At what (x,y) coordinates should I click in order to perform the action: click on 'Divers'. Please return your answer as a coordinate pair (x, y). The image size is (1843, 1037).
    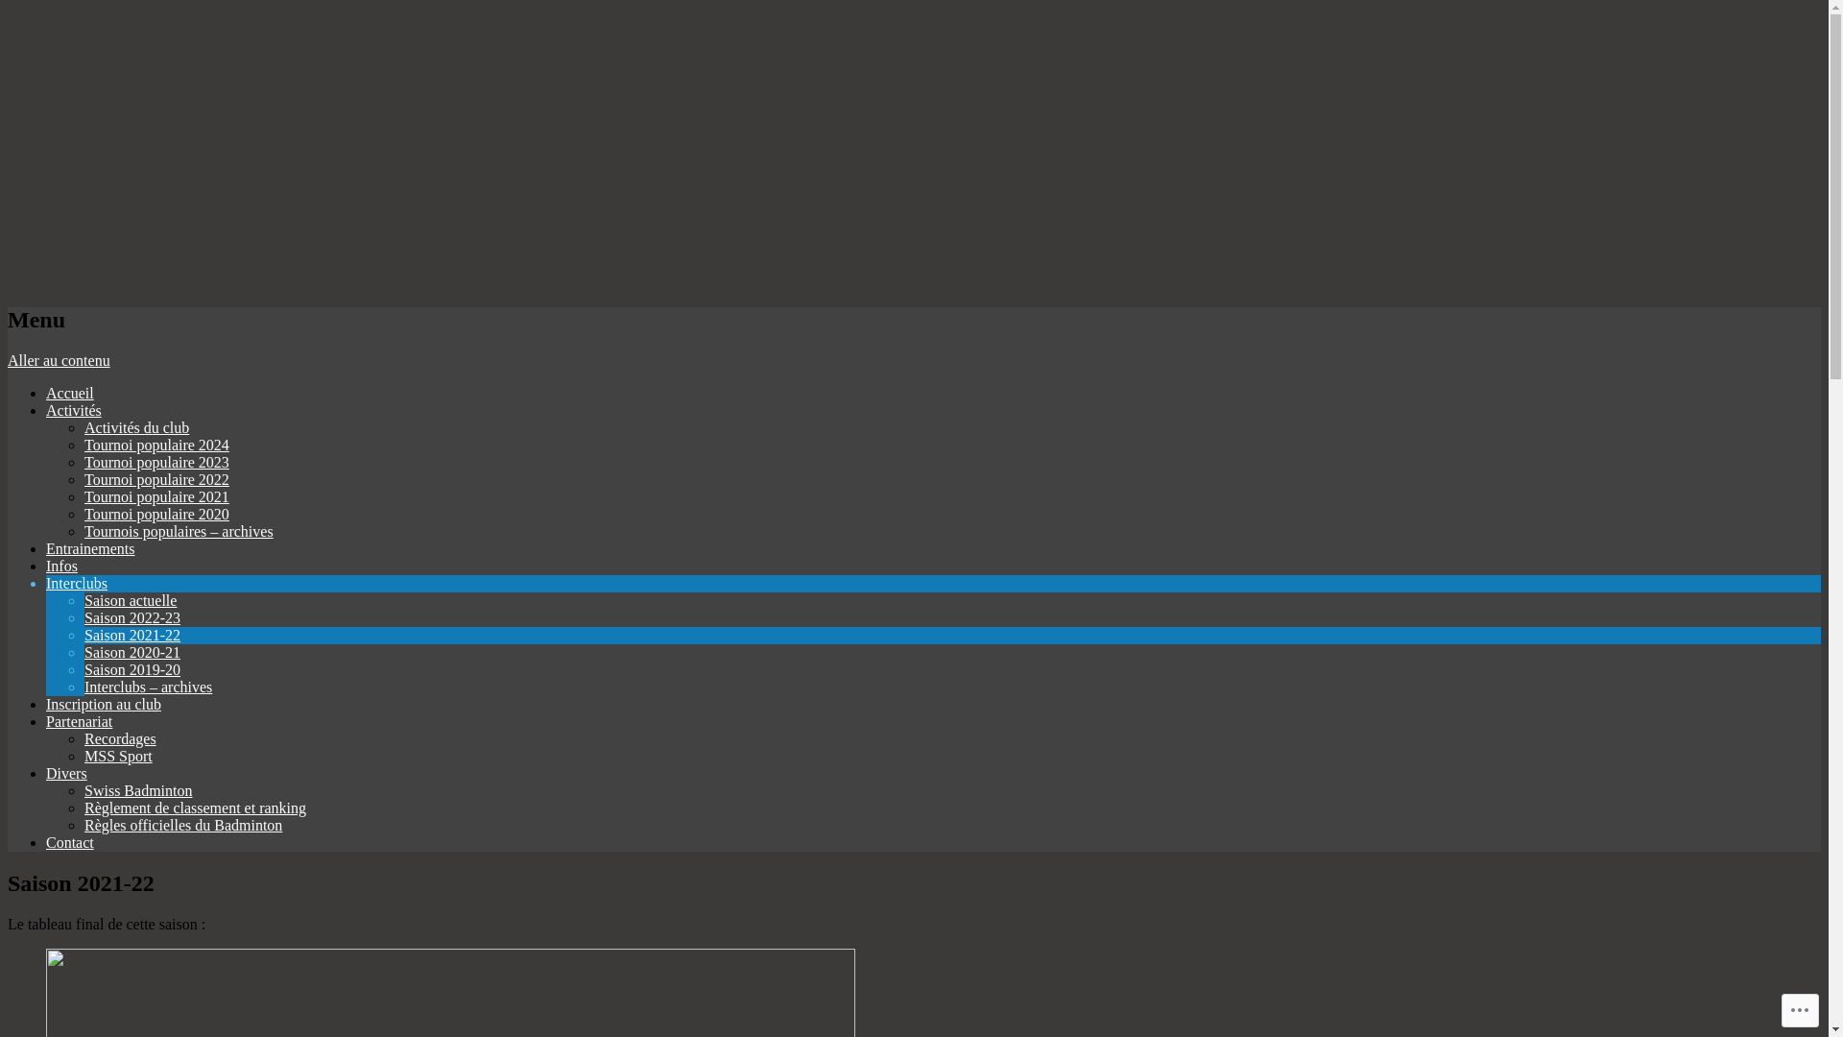
    Looking at the image, I should click on (66, 772).